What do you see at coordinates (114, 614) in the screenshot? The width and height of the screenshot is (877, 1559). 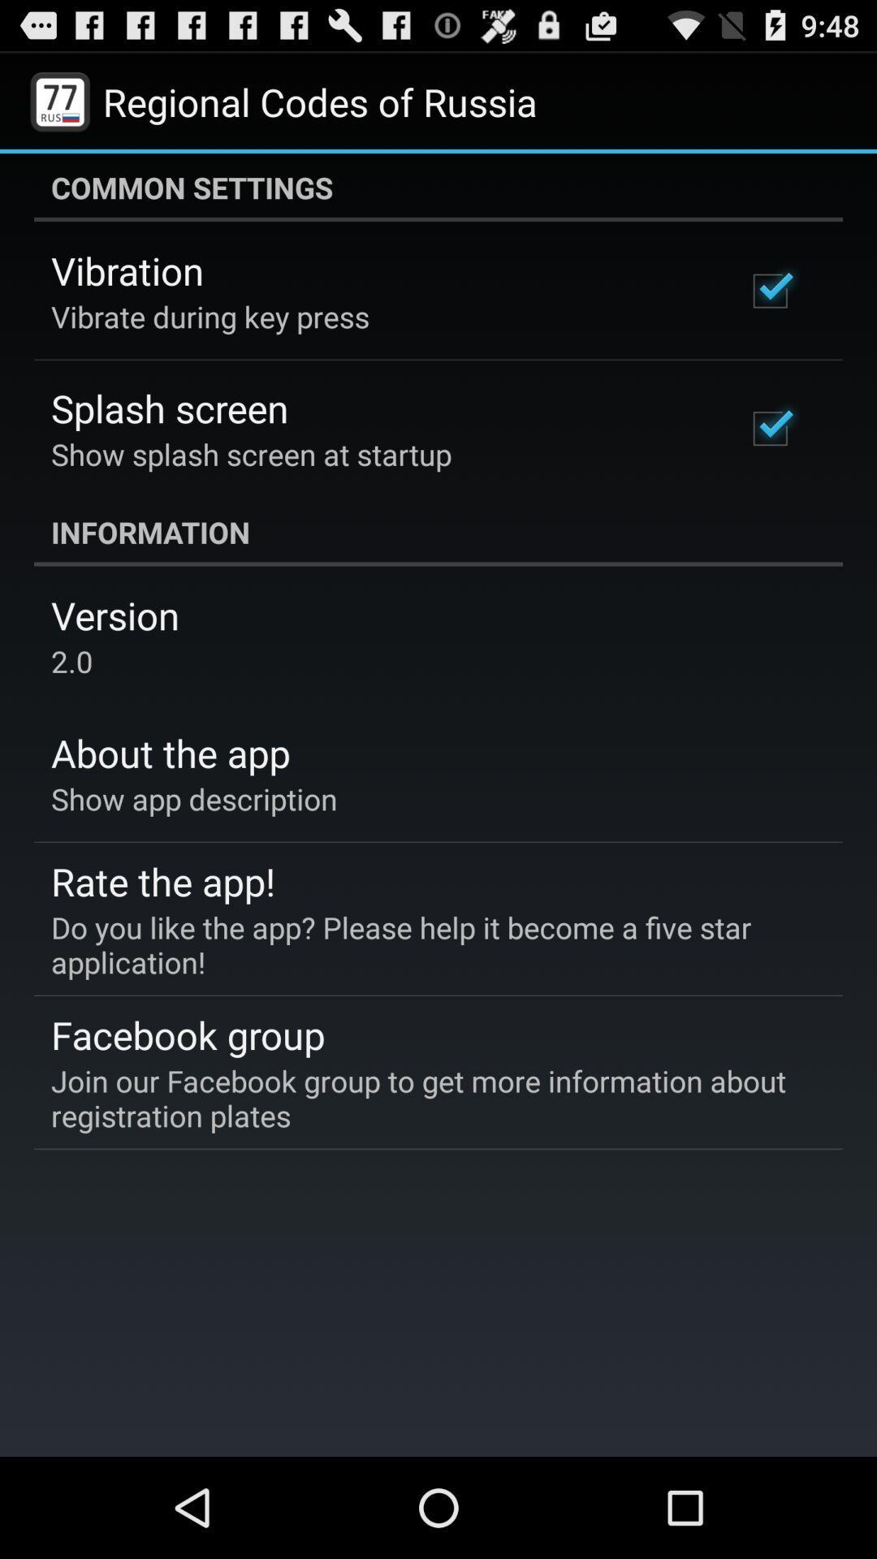 I see `the item above the 2.0 icon` at bounding box center [114, 614].